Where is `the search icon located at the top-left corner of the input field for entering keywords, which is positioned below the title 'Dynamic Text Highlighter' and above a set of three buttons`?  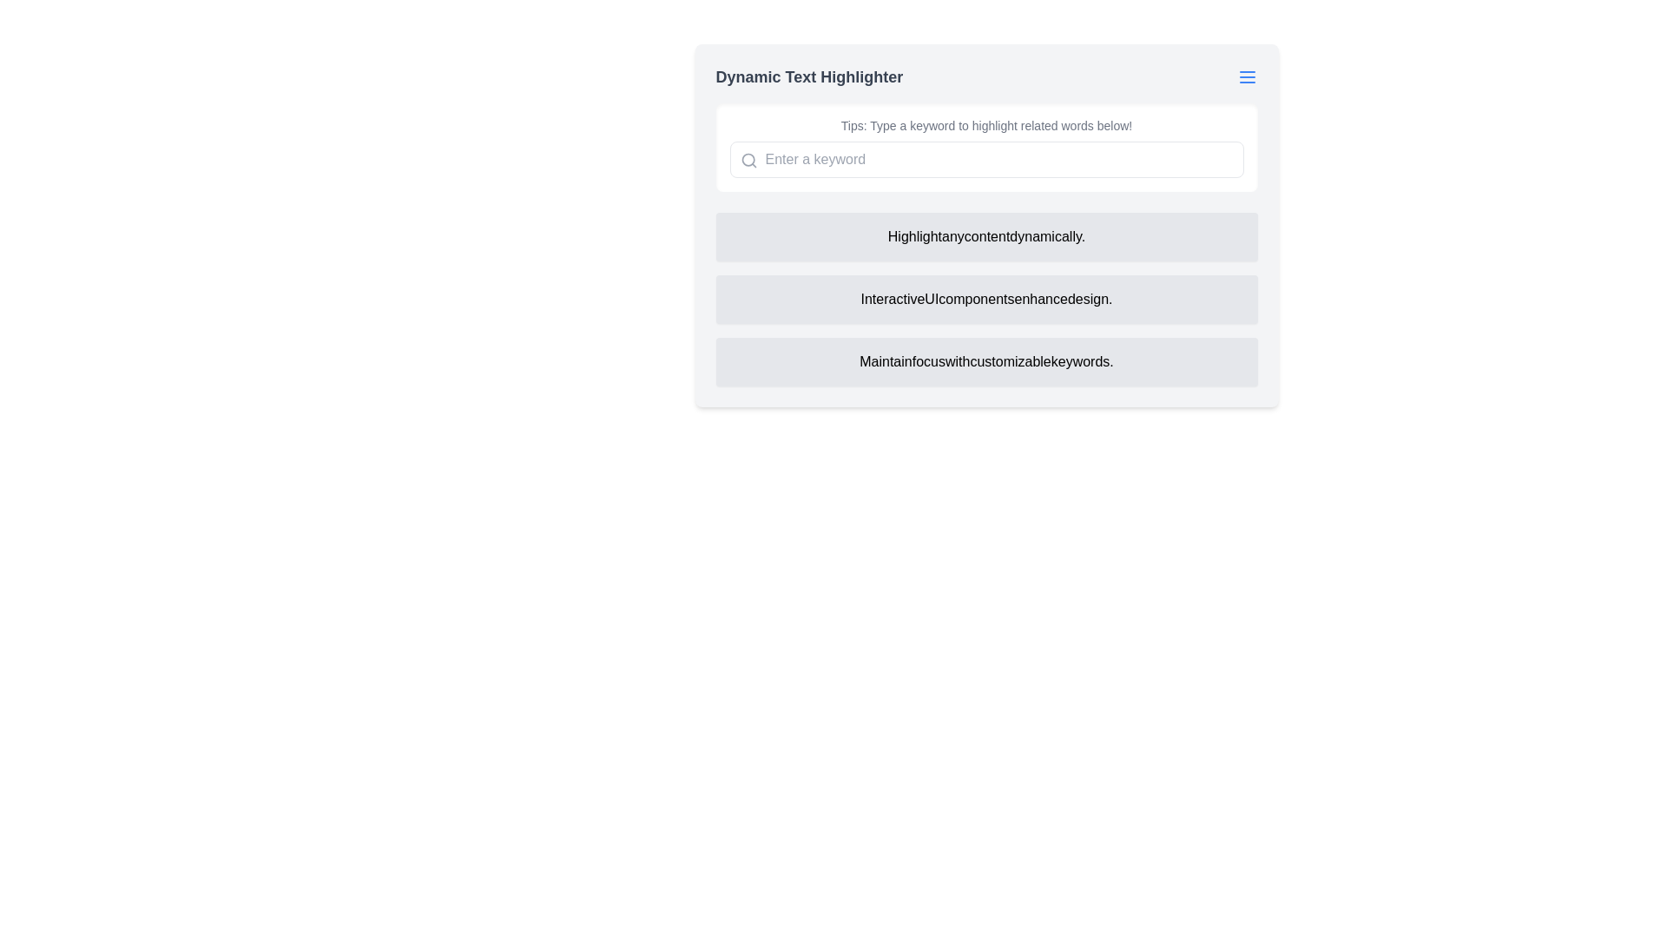
the search icon located at the top-left corner of the input field for entering keywords, which is positioned below the title 'Dynamic Text Highlighter' and above a set of three buttons is located at coordinates (748, 161).